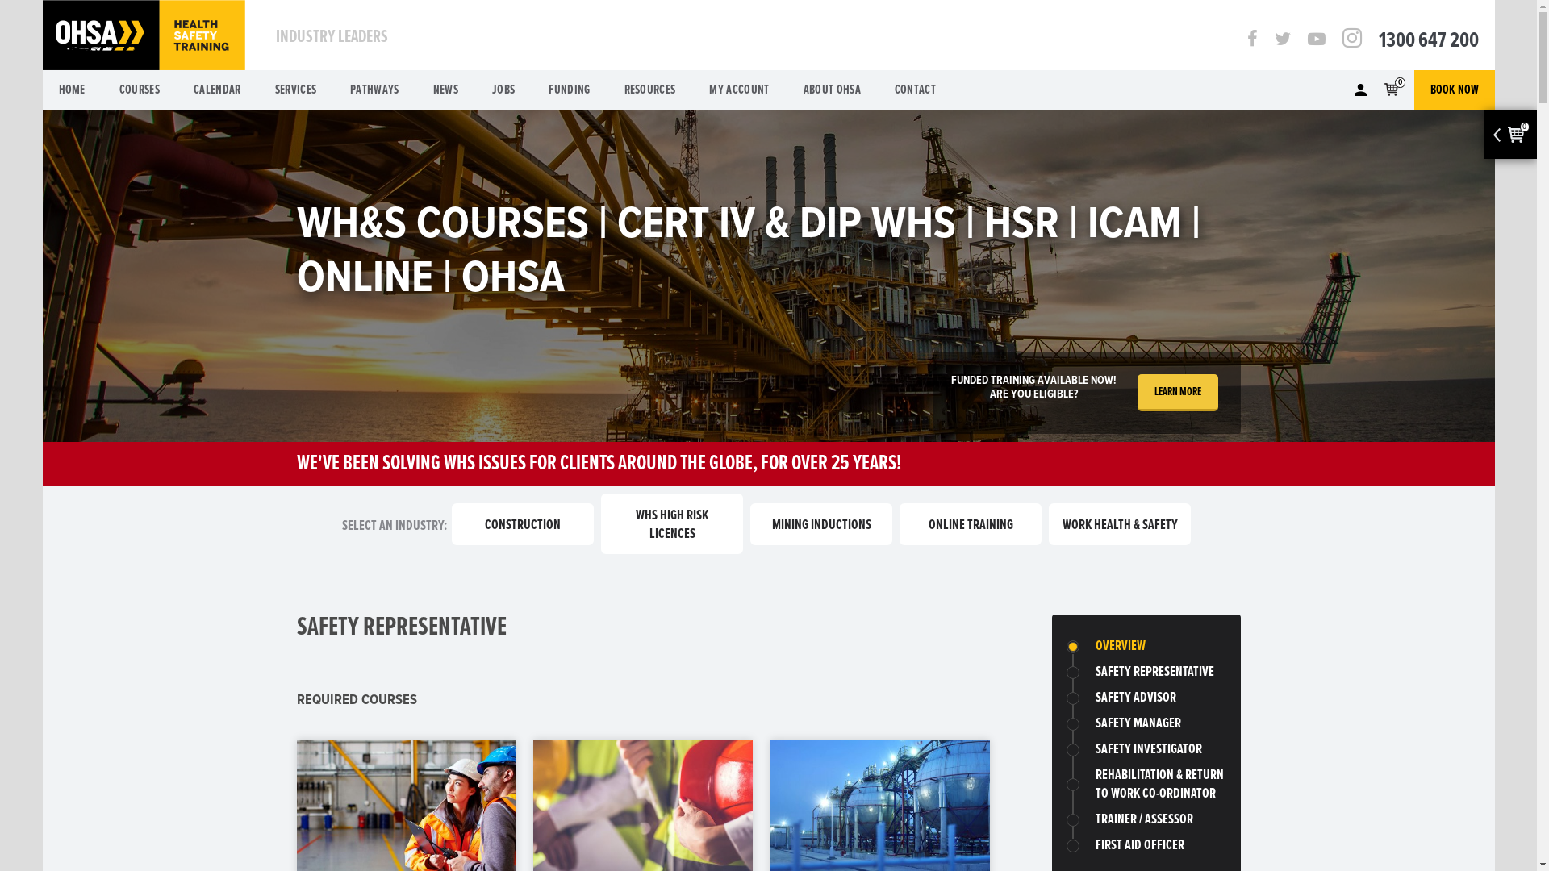  Describe the element at coordinates (1143, 819) in the screenshot. I see `'TRAINER / ASSESSOR'` at that location.